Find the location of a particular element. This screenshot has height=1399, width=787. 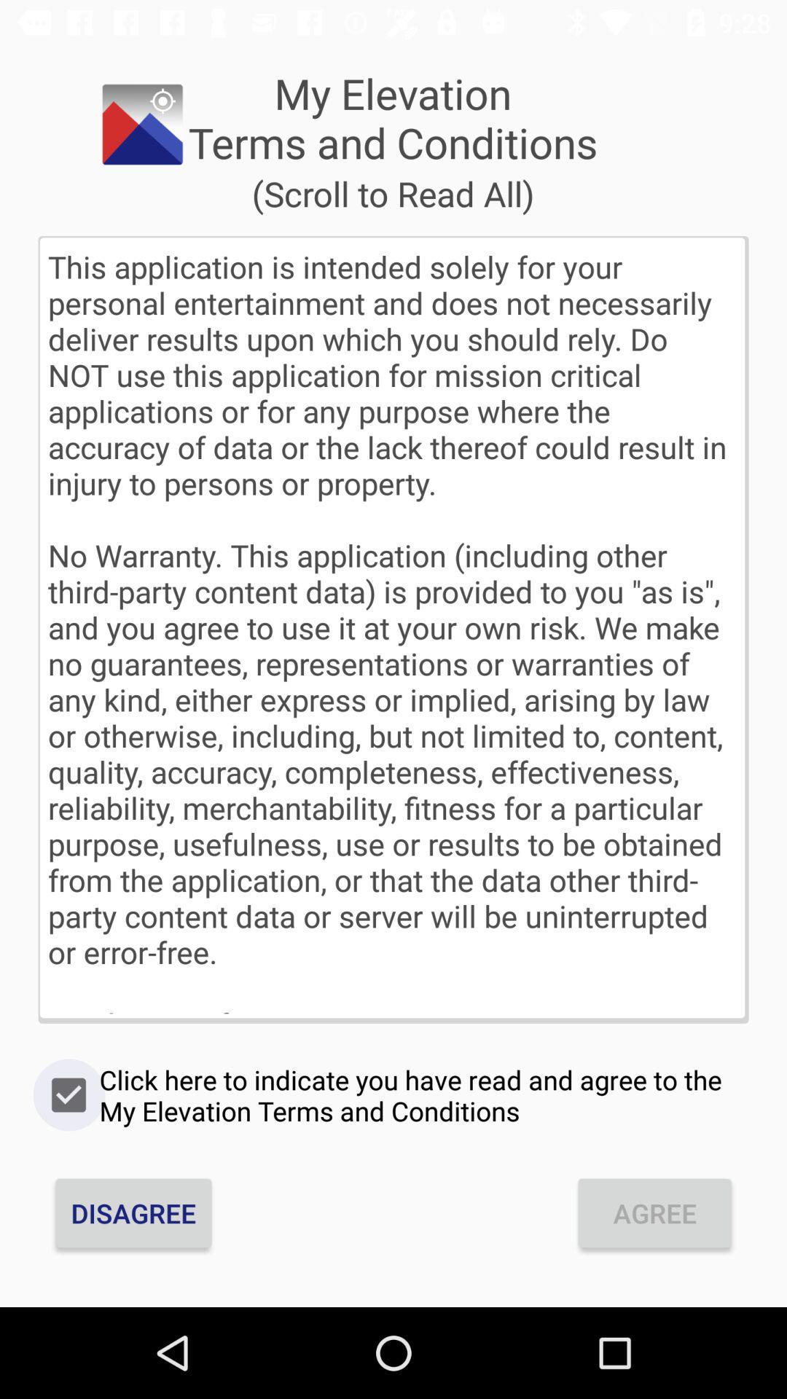

the icon next to agree icon is located at coordinates (133, 1213).